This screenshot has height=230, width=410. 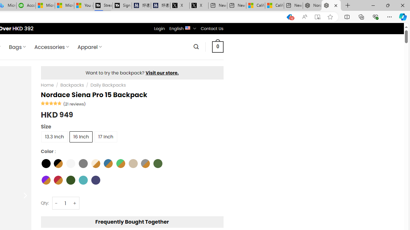 I want to click on 'Login', so click(x=159, y=28).